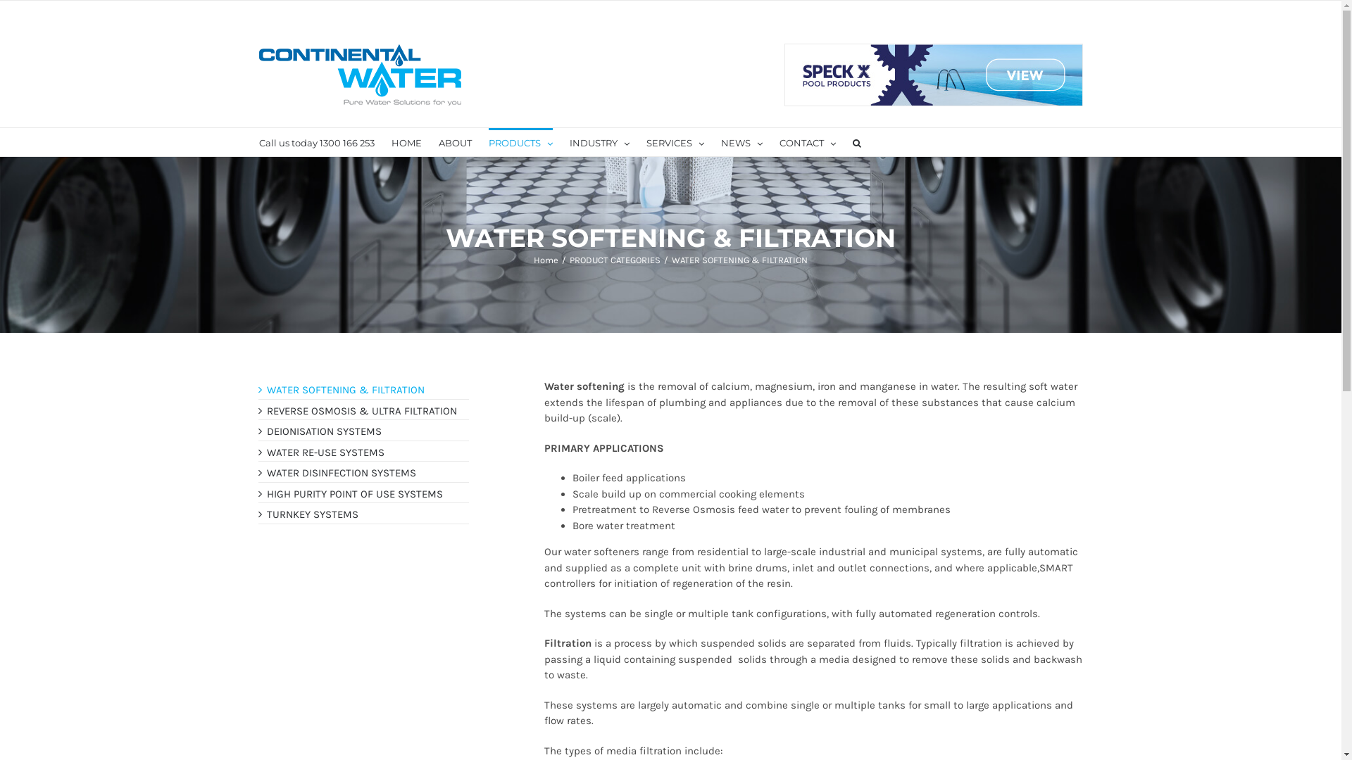 The width and height of the screenshot is (1352, 760). I want to click on 'ABOUT', so click(454, 141).